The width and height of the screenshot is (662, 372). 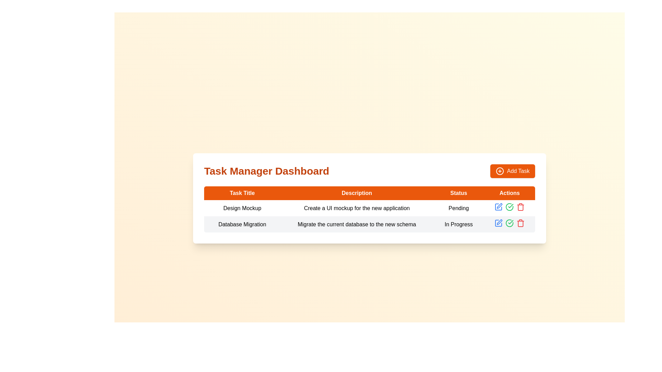 I want to click on the Table Header Label with bright orange background and white text that says 'Description' located in the second position of a horizontal row of four in the table header, so click(x=357, y=193).